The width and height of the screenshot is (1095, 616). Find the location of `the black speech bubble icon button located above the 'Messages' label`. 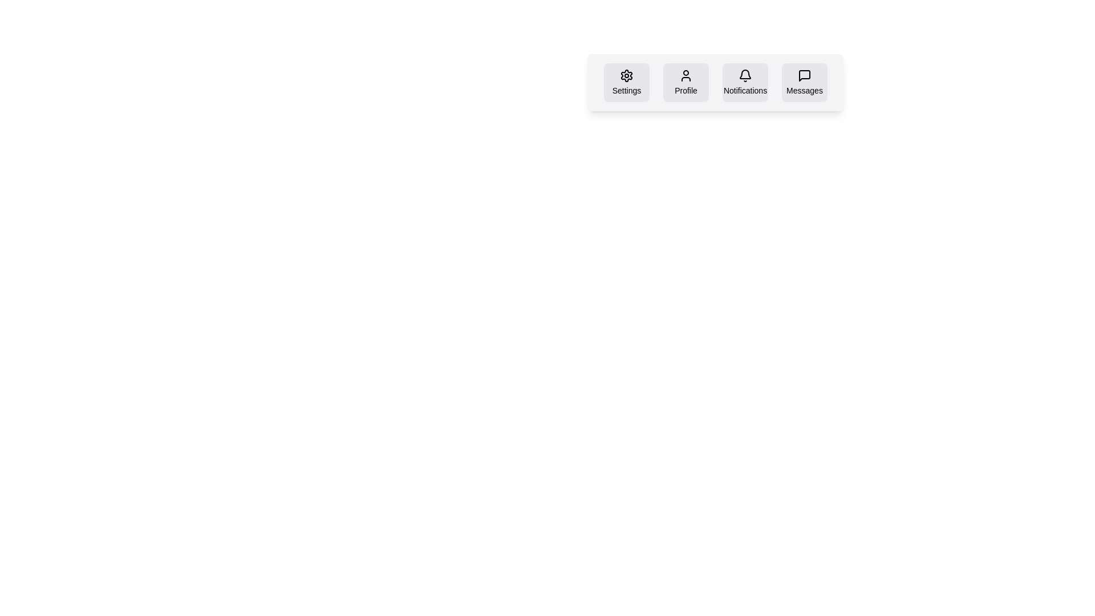

the black speech bubble icon button located above the 'Messages' label is located at coordinates (804, 75).